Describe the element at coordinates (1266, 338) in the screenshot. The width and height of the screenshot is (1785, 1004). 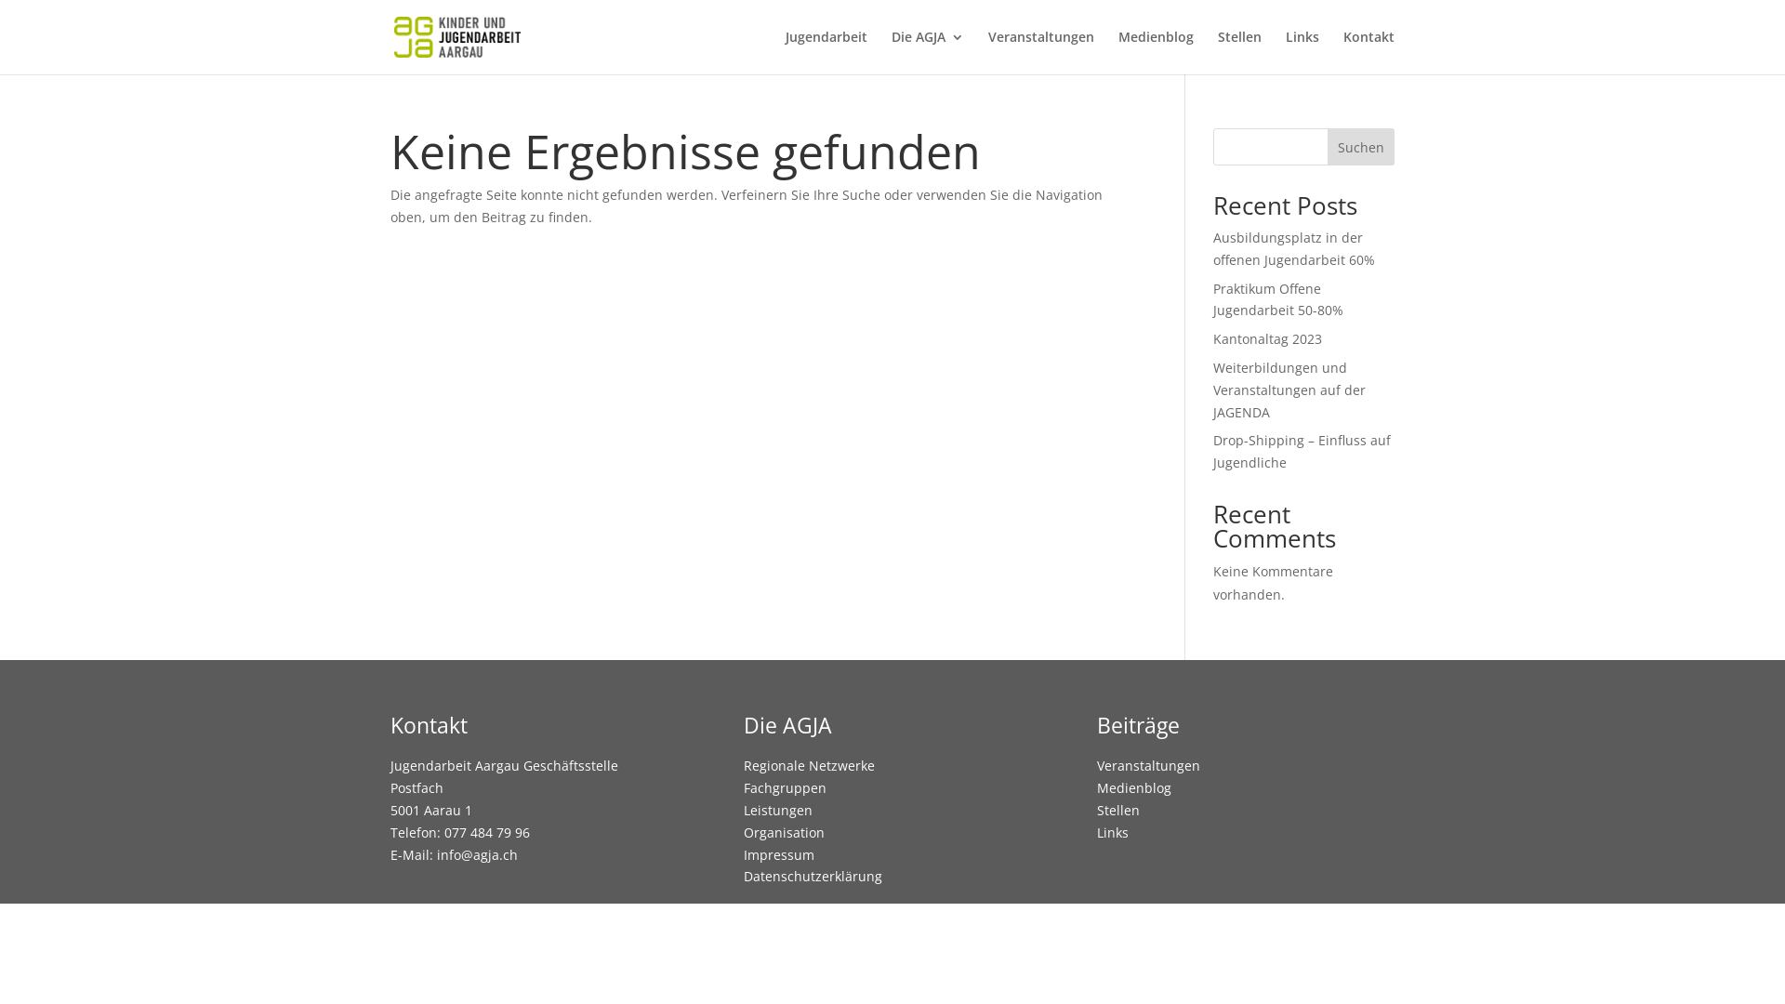
I see `'Kantonaltag 2023'` at that location.